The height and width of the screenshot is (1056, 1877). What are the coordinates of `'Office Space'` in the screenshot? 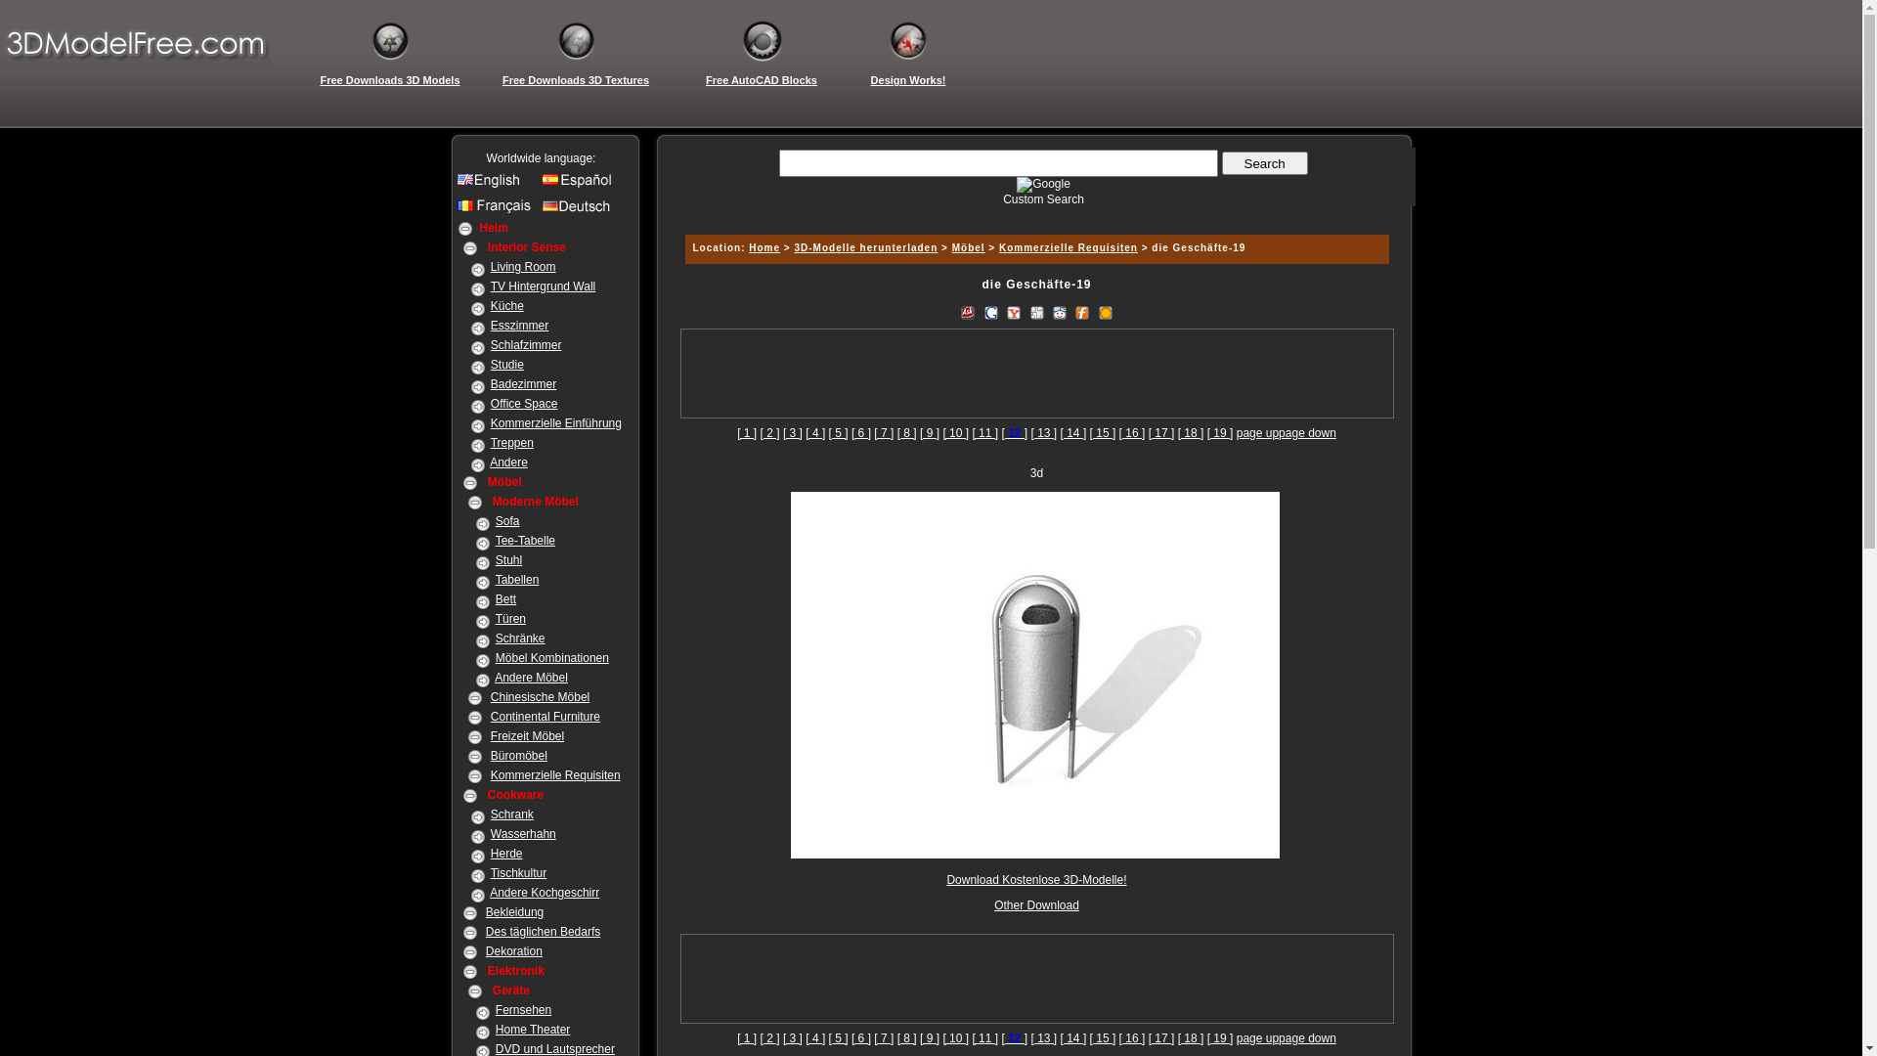 It's located at (524, 402).